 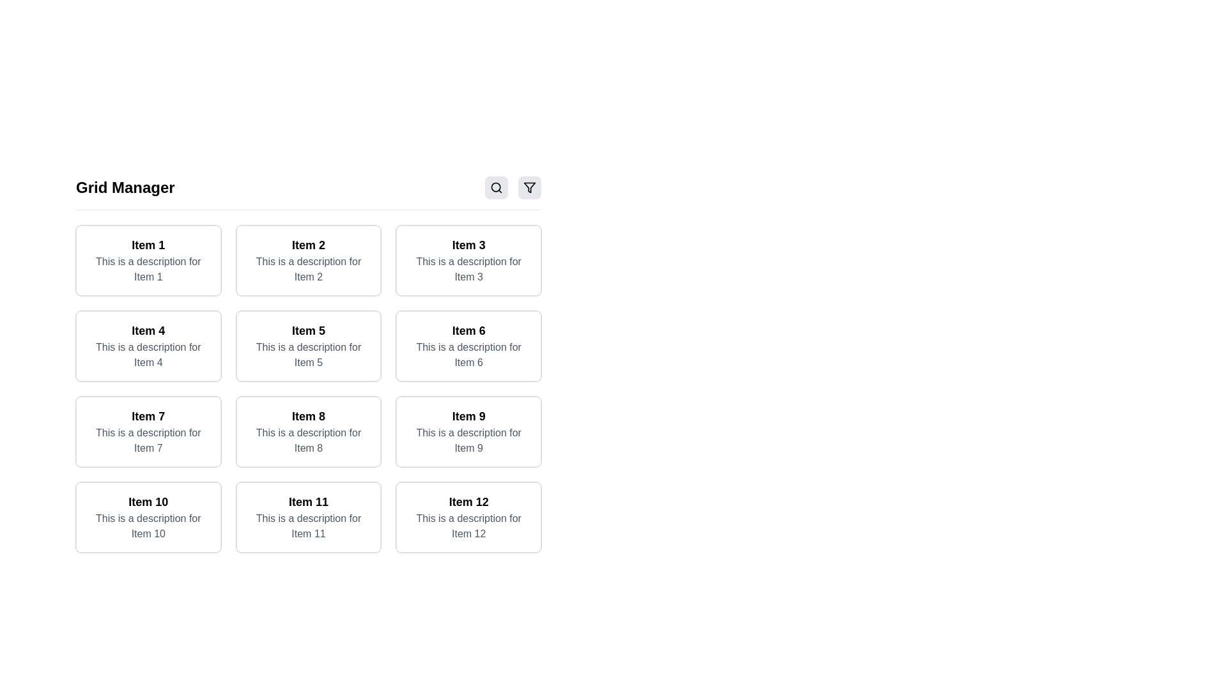 I want to click on the text label element that serves as the title for the card labeled 'Item 3', located in the top row and third column of the grid, so click(x=468, y=245).